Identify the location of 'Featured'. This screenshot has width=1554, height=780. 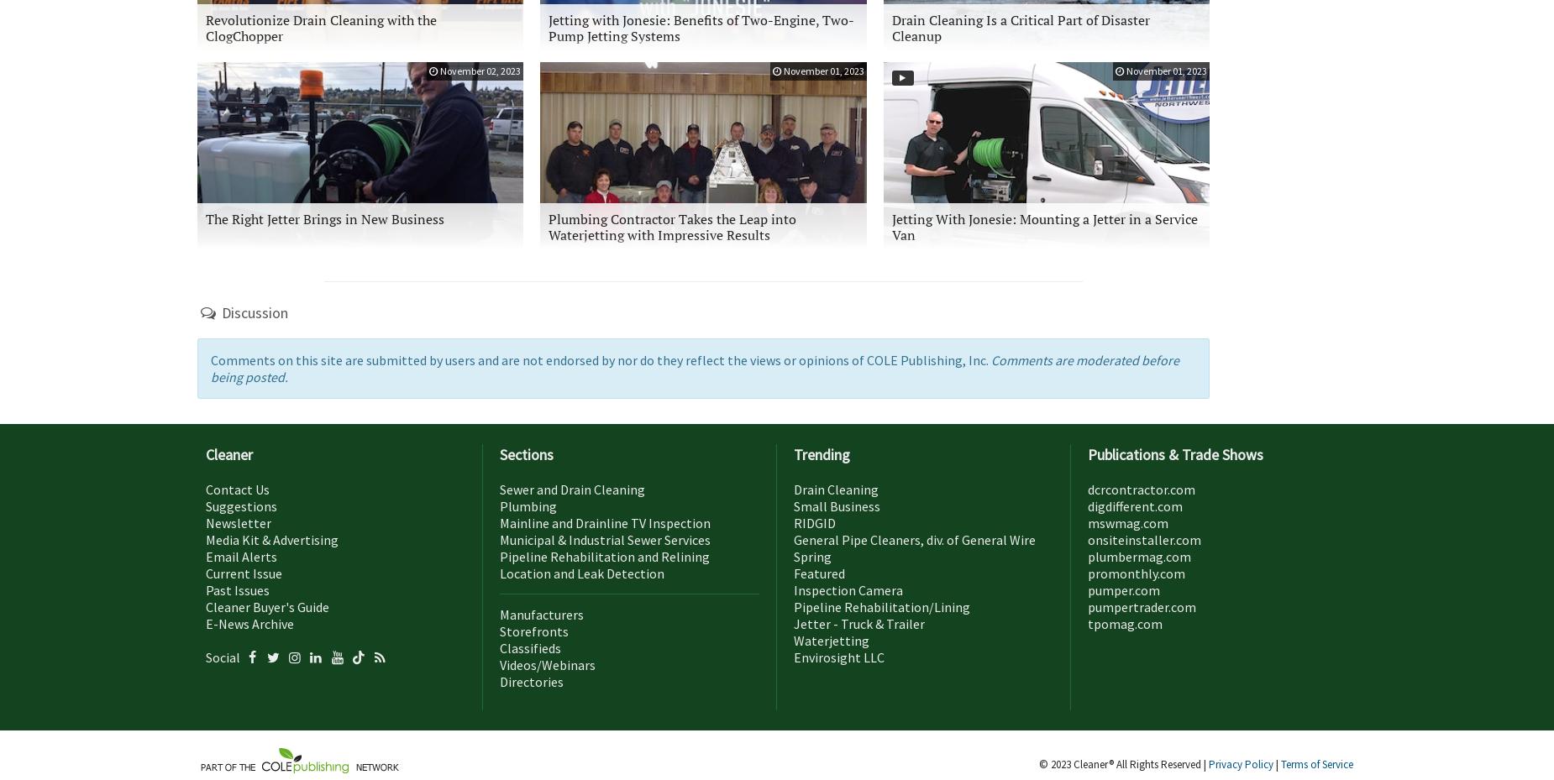
(818, 572).